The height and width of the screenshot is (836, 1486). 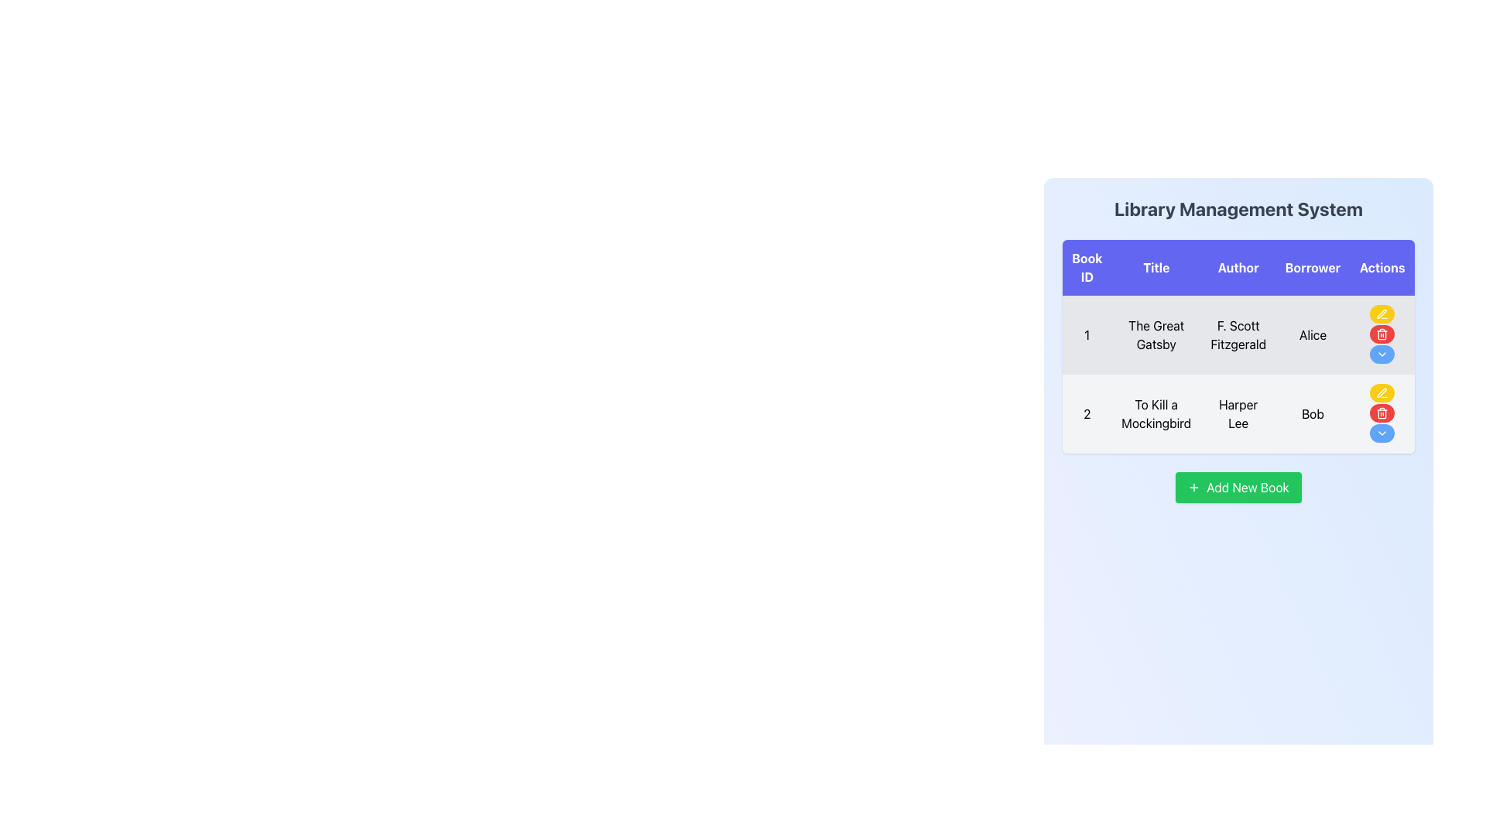 What do you see at coordinates (1156, 413) in the screenshot?
I see `or highlight the text label displaying the title 'To Kill a Mockingbird' located in the second row and second column of the table under the 'Title' header` at bounding box center [1156, 413].